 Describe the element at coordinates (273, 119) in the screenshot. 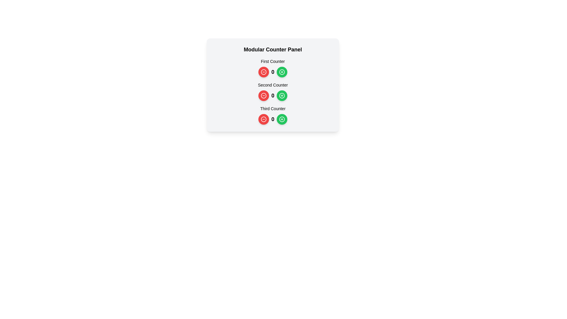

I see `displayed value of the counter in the 'Third Counter' group, which is dynamically updated based on user interactions with the increment and decrement buttons` at that location.